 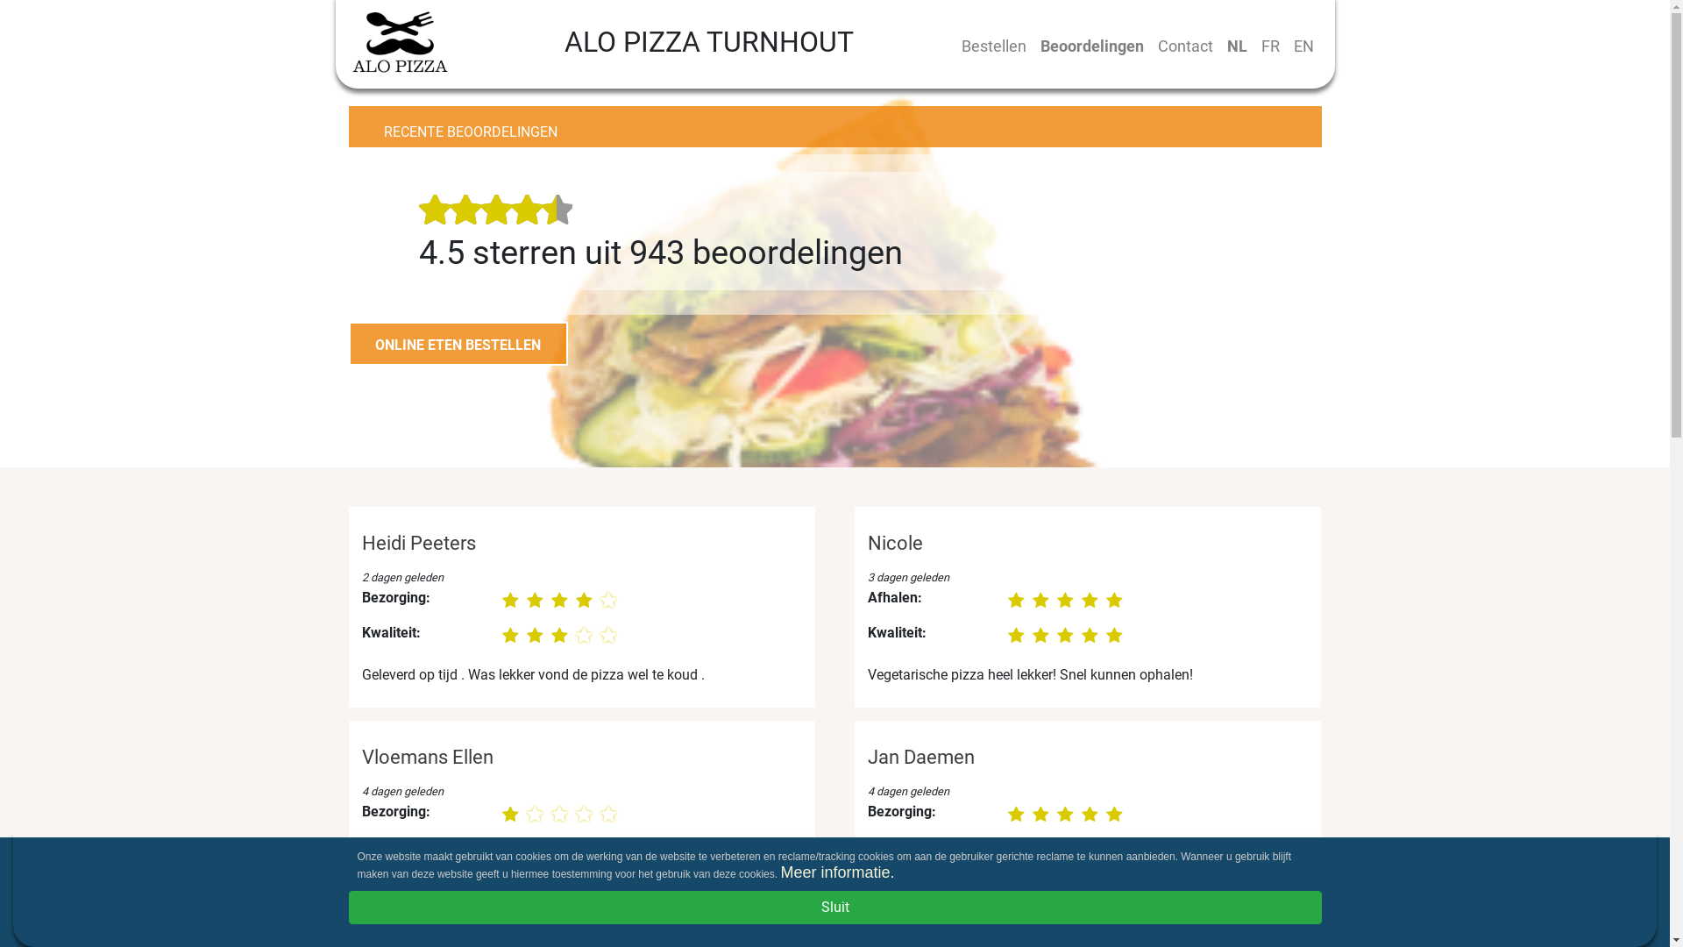 I want to click on 'Beoordelingen', so click(x=1032, y=45).